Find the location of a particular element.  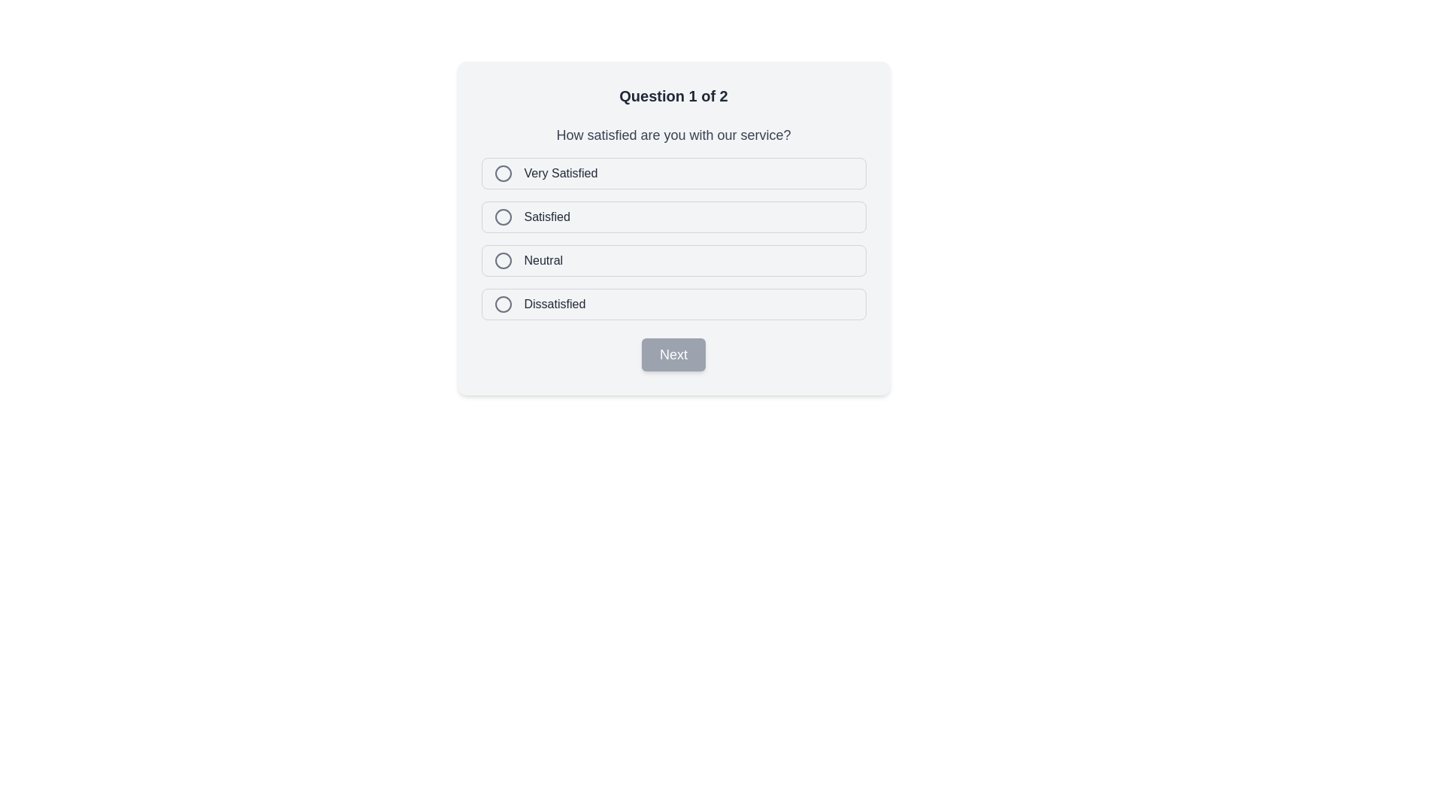

the 'Very Satisfied' text label which is styled in a medium-weight, gray font and located next to the first radio button in the satisfaction levels list is located at coordinates (560, 173).